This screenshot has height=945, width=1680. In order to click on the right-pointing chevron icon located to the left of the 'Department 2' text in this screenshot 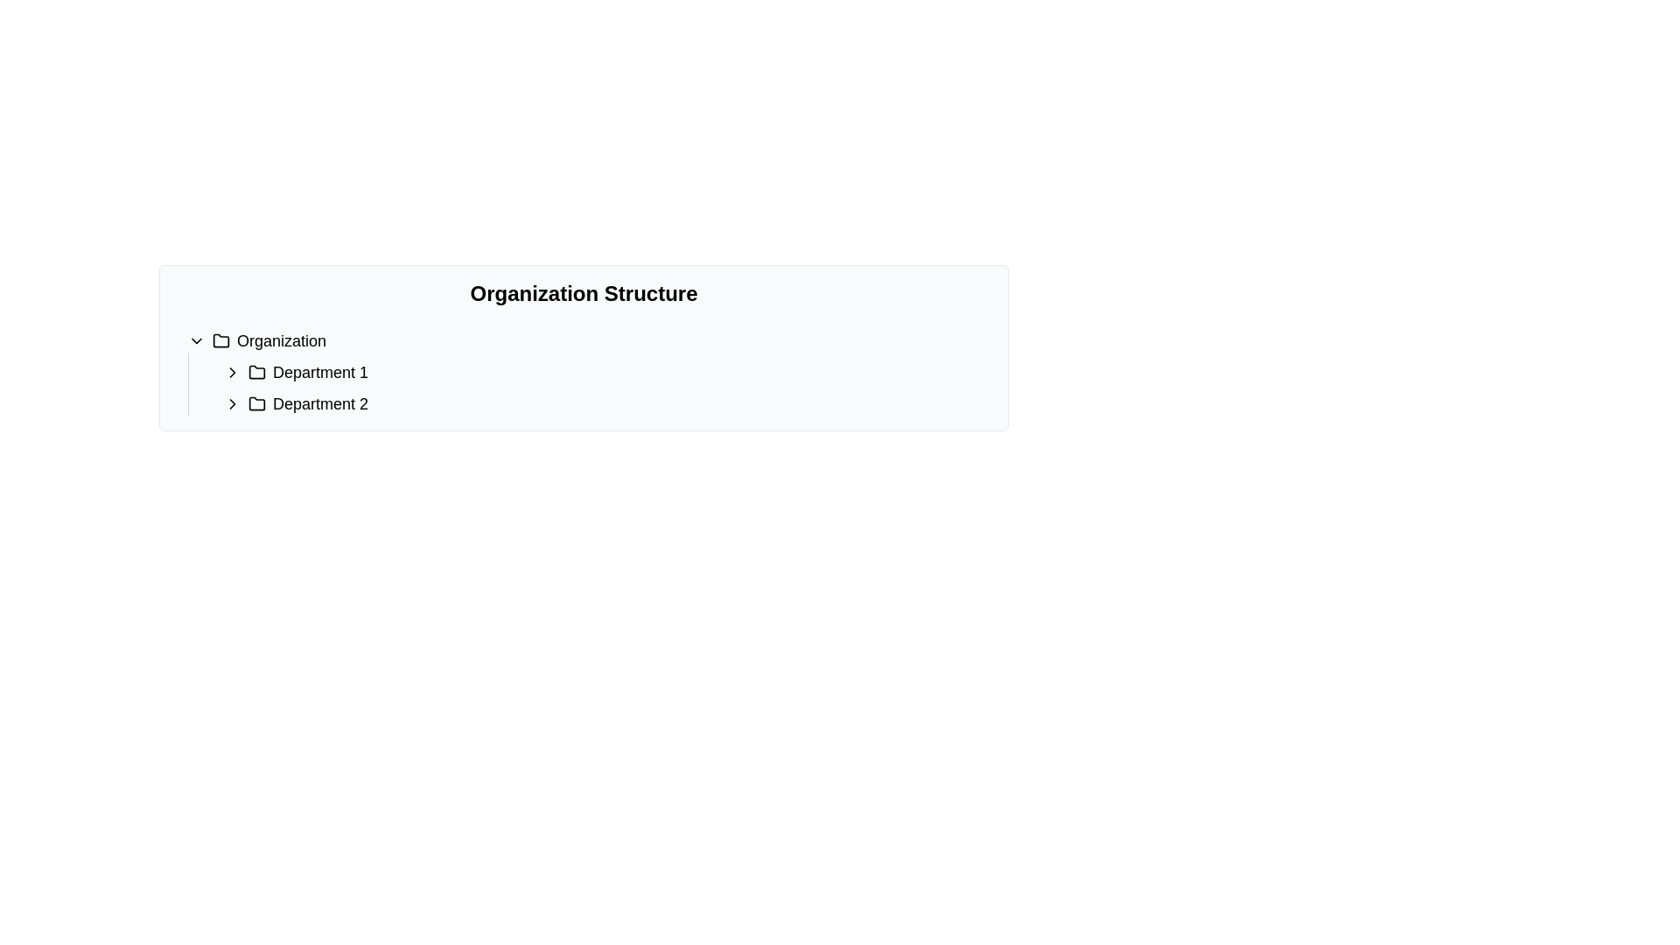, I will do `click(231, 404)`.